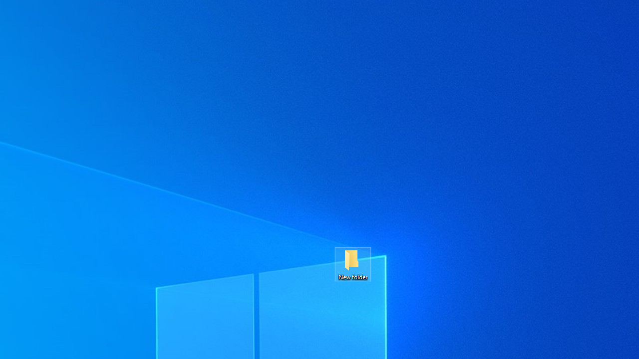 The height and width of the screenshot is (359, 639). I want to click on 'New folder', so click(352, 264).